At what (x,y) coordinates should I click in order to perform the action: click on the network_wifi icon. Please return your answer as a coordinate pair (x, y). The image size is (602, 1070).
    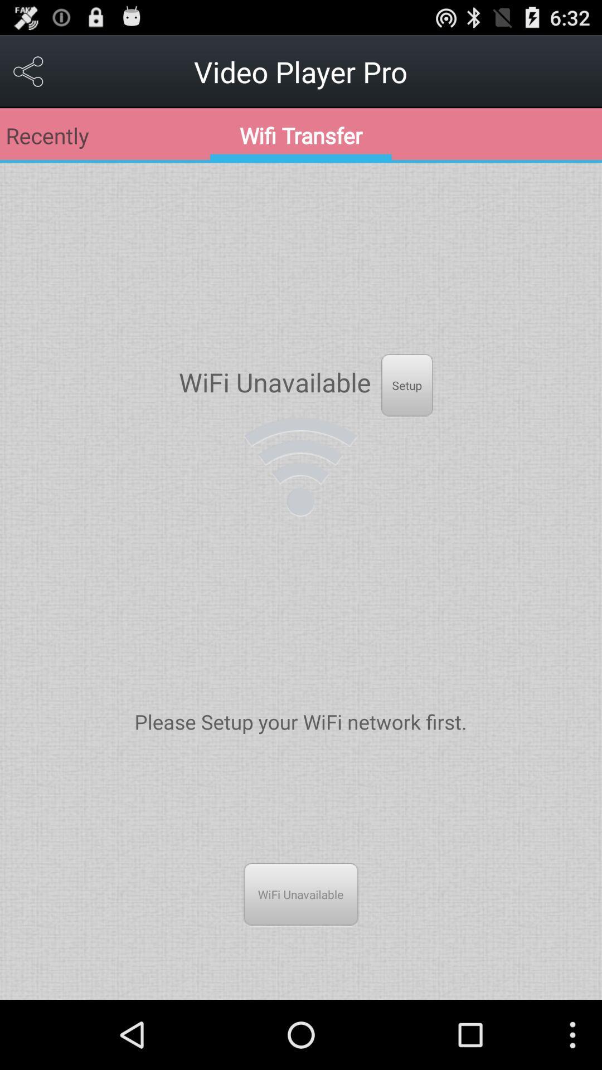
    Looking at the image, I should click on (300, 499).